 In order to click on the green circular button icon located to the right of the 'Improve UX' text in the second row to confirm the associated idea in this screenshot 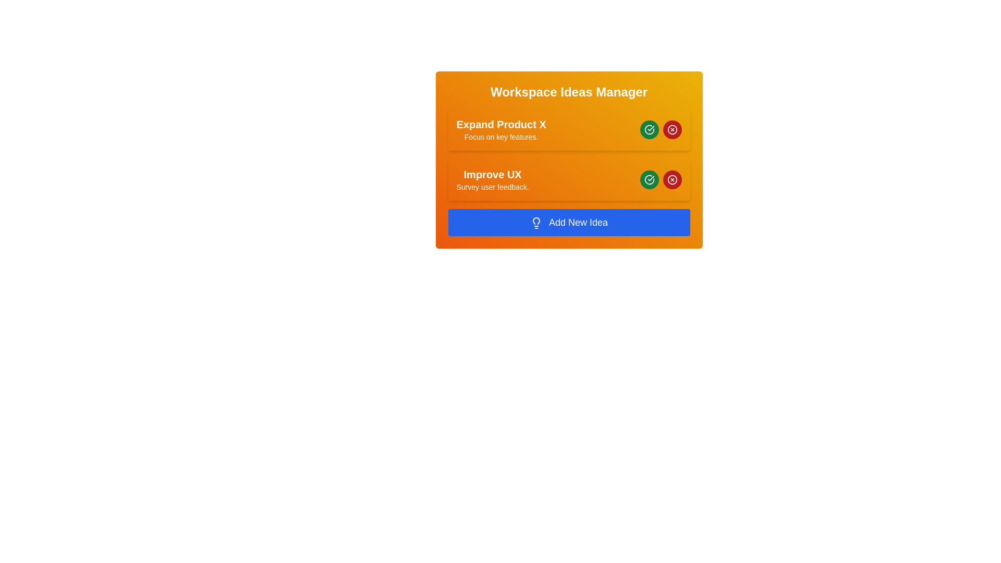, I will do `click(649, 129)`.